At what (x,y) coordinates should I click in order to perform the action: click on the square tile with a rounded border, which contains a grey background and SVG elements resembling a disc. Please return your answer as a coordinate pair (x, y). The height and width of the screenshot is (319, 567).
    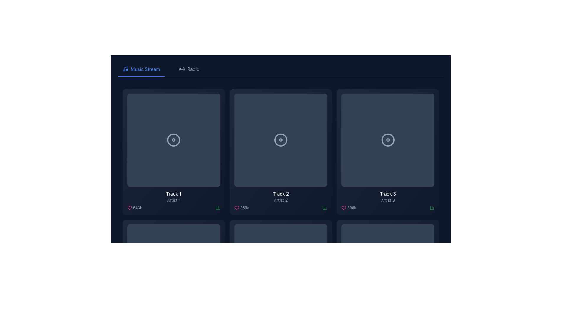
    Looking at the image, I should click on (280, 271).